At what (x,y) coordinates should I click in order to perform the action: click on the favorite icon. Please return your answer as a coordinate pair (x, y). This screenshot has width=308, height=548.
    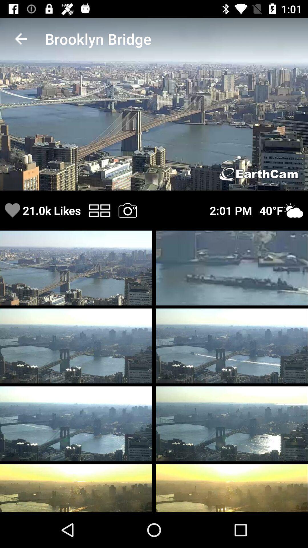
    Looking at the image, I should click on (12, 210).